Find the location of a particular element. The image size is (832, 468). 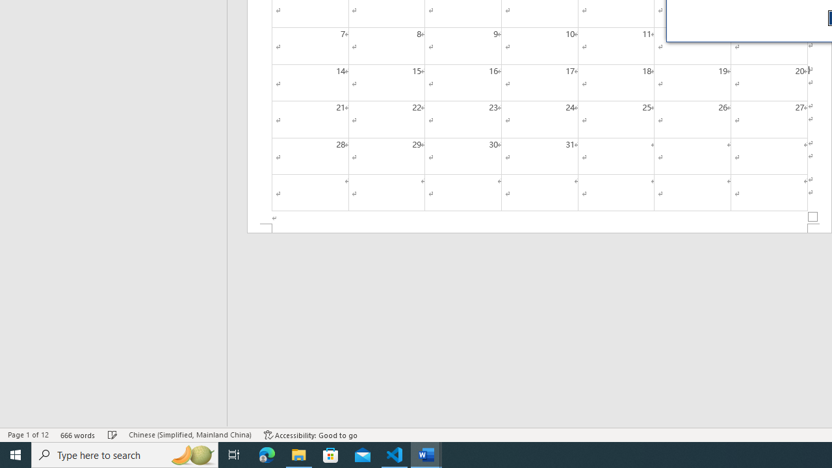

'Word Count 666 words' is located at coordinates (77, 435).